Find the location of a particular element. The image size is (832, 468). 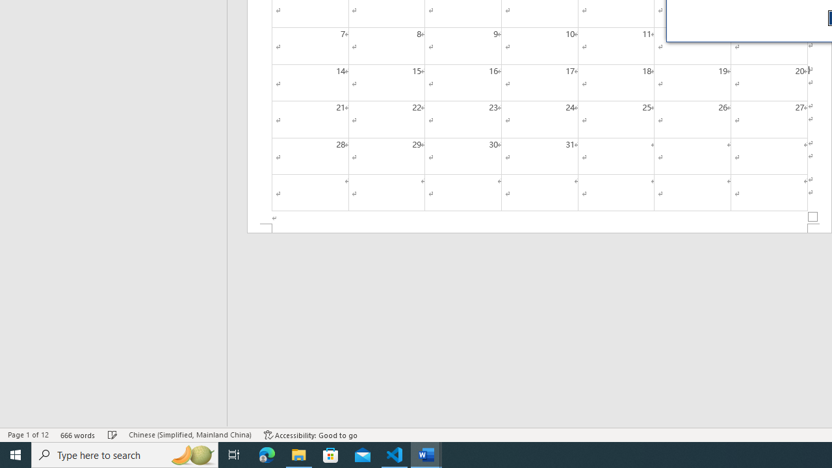

'Word Count 666 words' is located at coordinates (77, 435).